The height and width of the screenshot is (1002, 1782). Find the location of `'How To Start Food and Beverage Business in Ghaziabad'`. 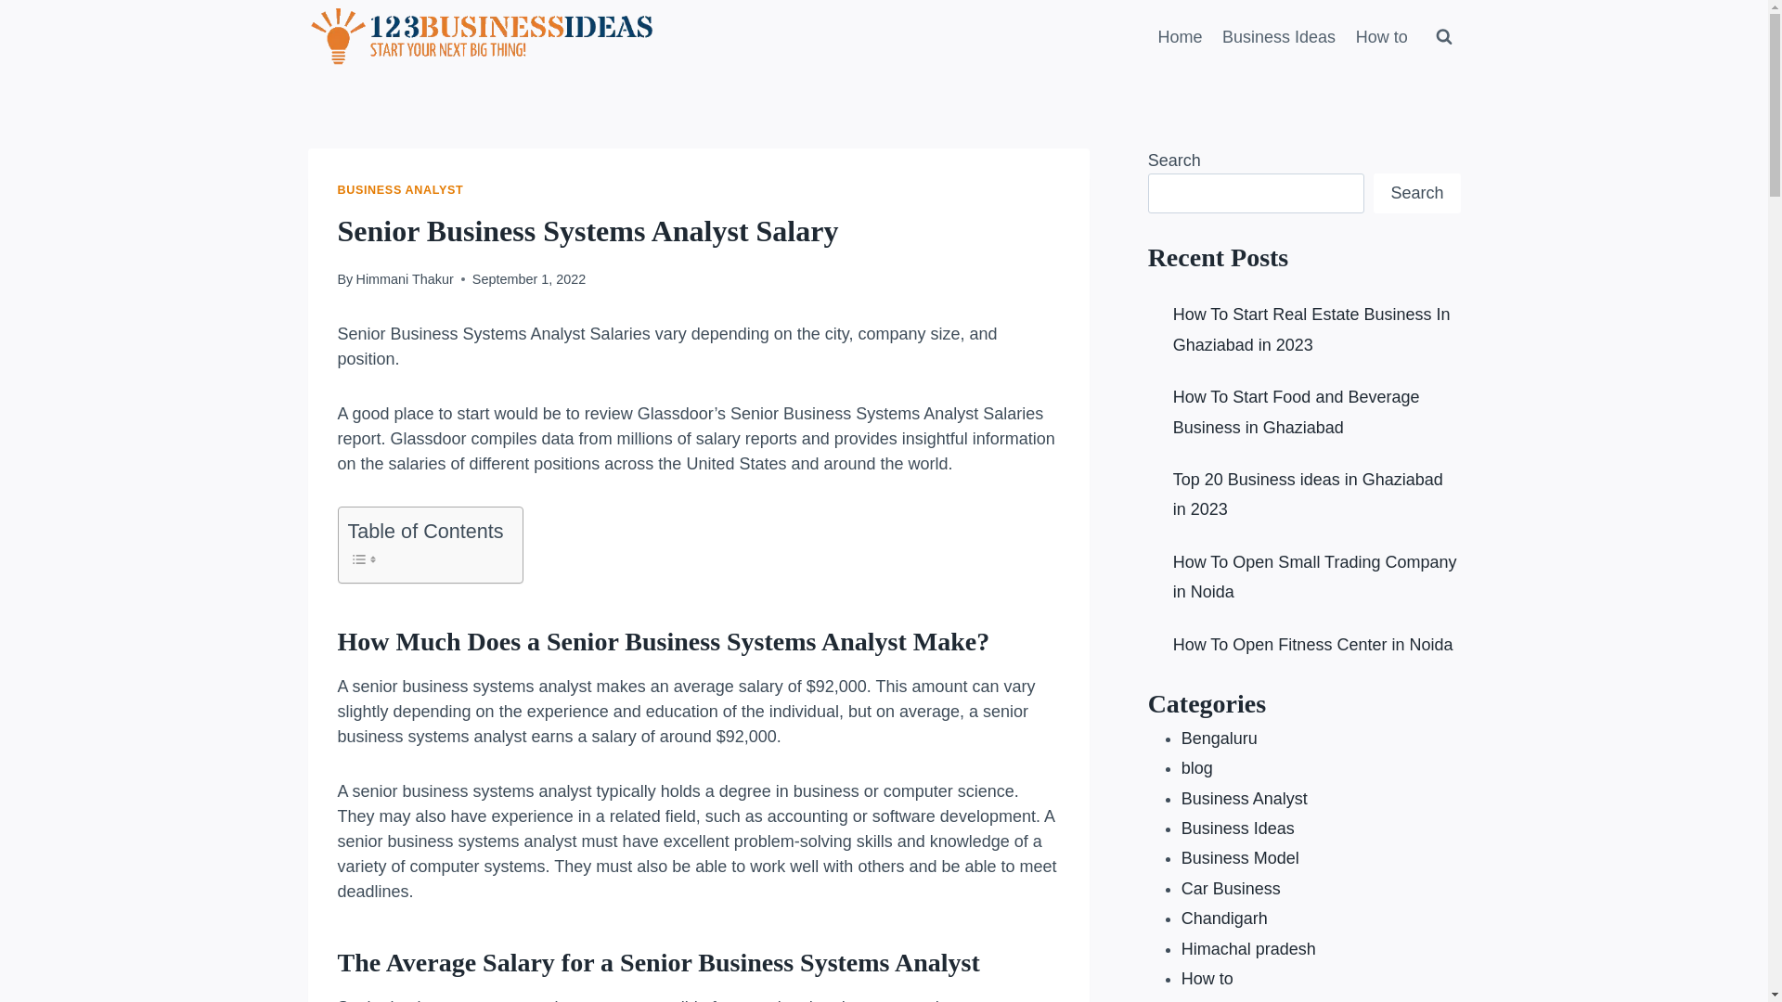

'How To Start Food and Beverage Business in Ghaziabad' is located at coordinates (1295, 410).